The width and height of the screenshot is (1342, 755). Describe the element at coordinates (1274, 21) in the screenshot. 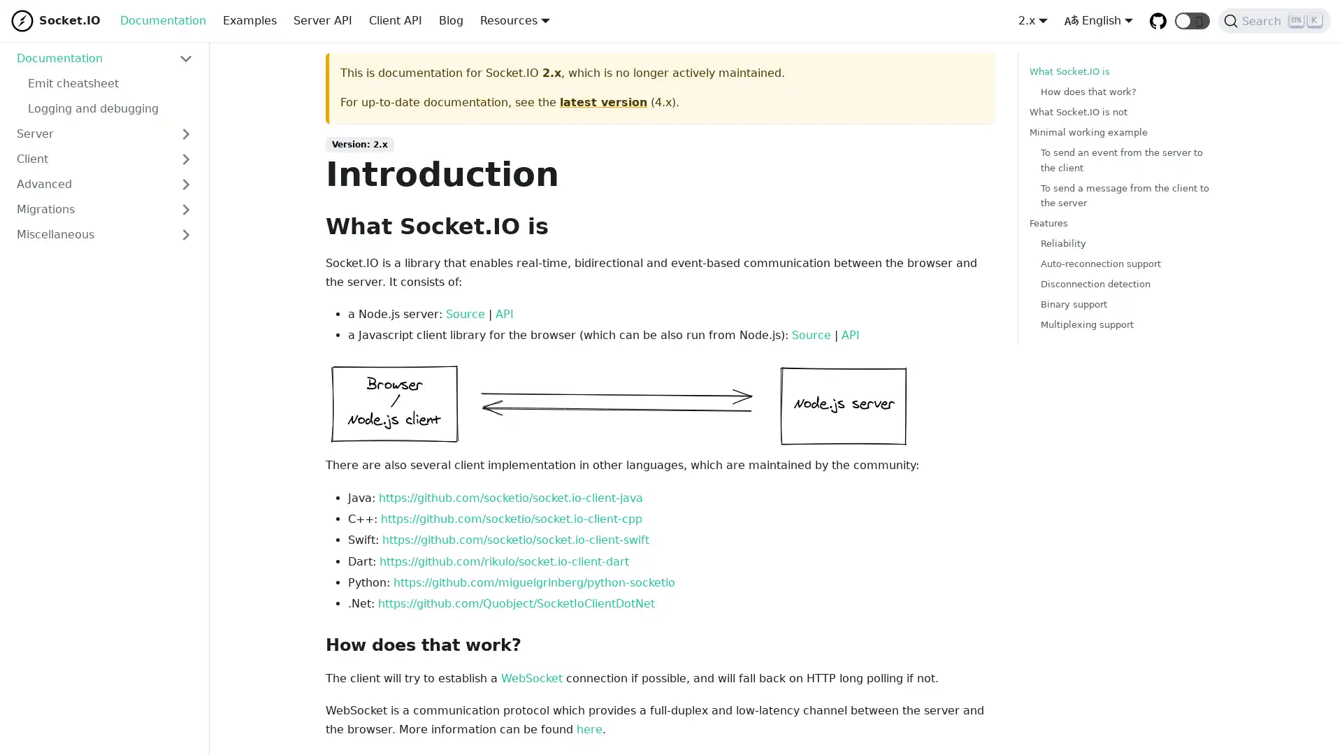

I see `Search` at that location.